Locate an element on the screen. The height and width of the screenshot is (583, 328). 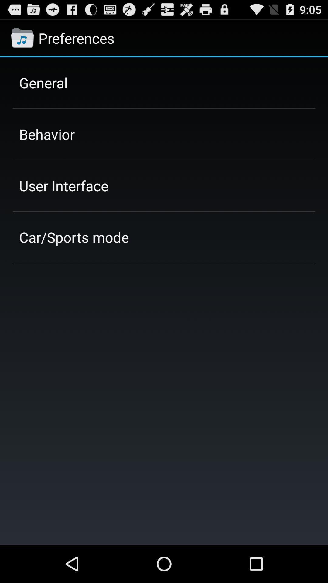
the item above the car/sports mode icon is located at coordinates (63, 185).